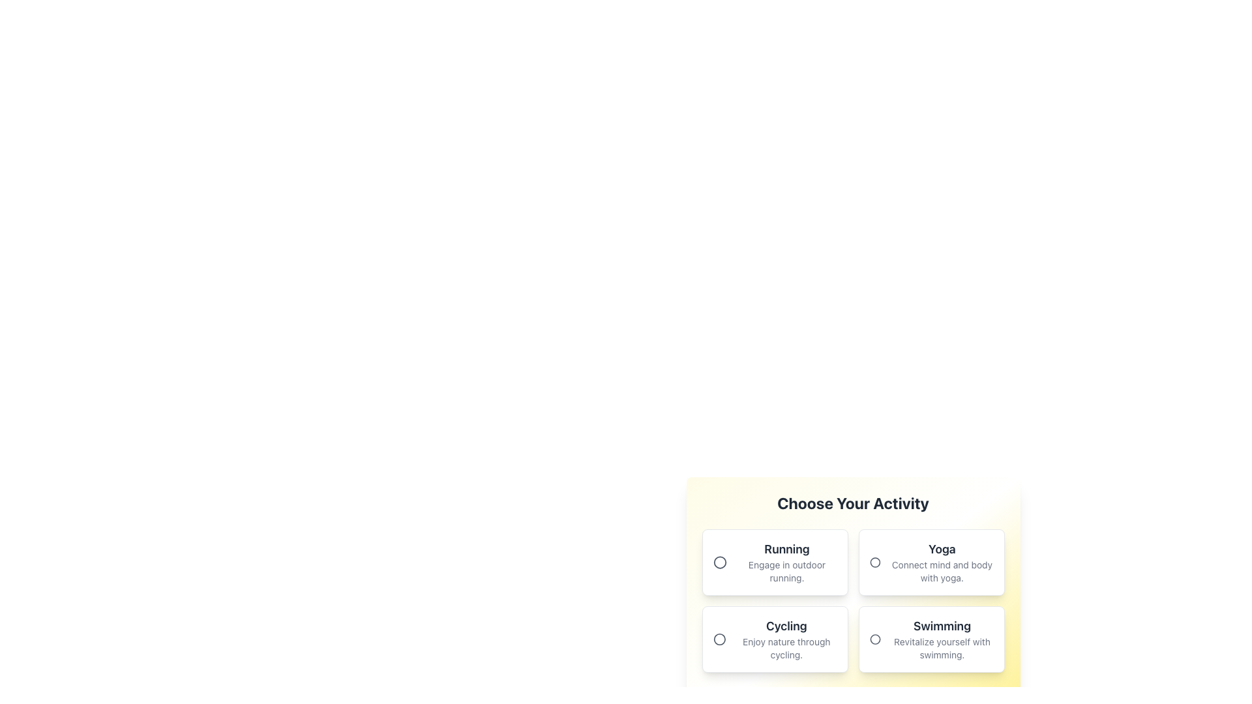  What do you see at coordinates (719, 562) in the screenshot?
I see `the SVG circle graphic representing the 'Running' option, located in the top left of the grid under 'Choose Your Activity.'` at bounding box center [719, 562].